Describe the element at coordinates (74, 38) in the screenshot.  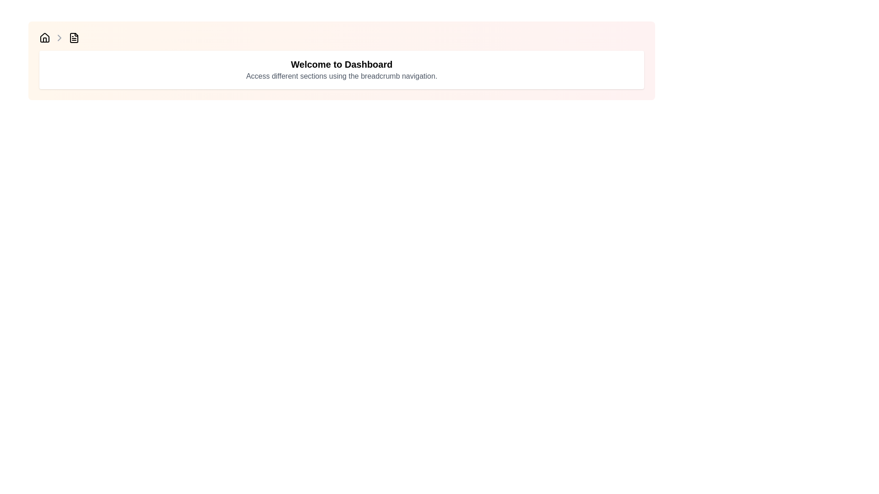
I see `the sheet of paper icon with a folded corner located in the upper left section of the interface, directly to the right of the home icon in the breadcrumb navigation bar` at that location.